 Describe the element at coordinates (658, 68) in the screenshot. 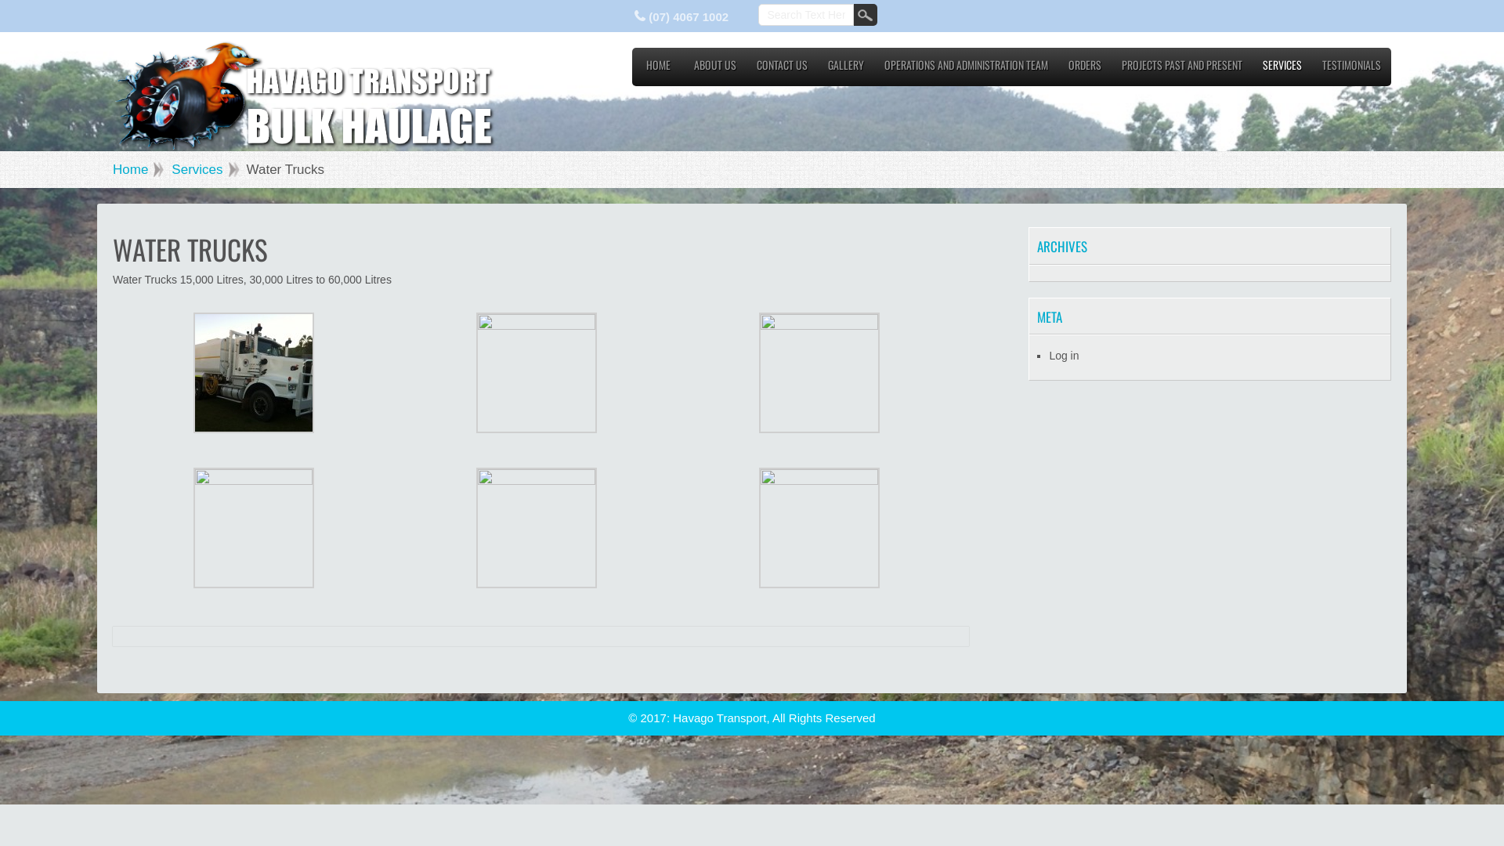

I see `'HOME'` at that location.